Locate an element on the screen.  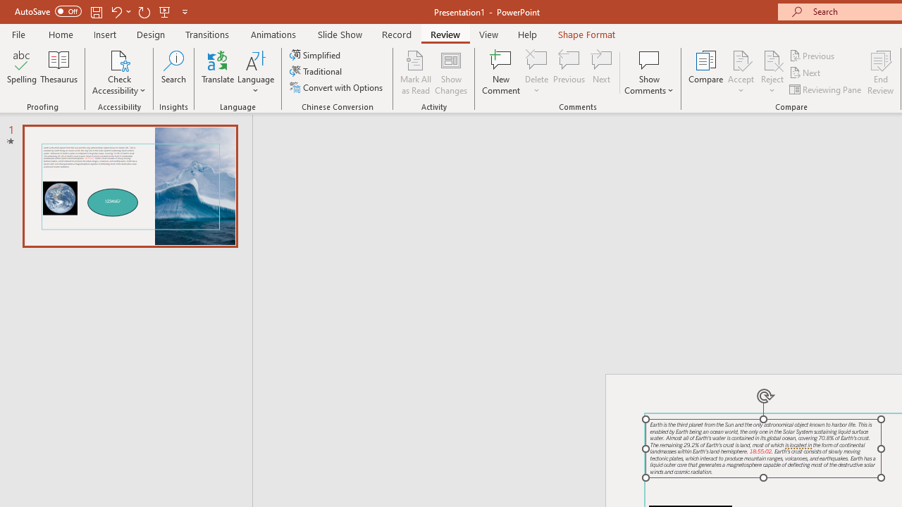
'Show Changes' is located at coordinates (451, 73).